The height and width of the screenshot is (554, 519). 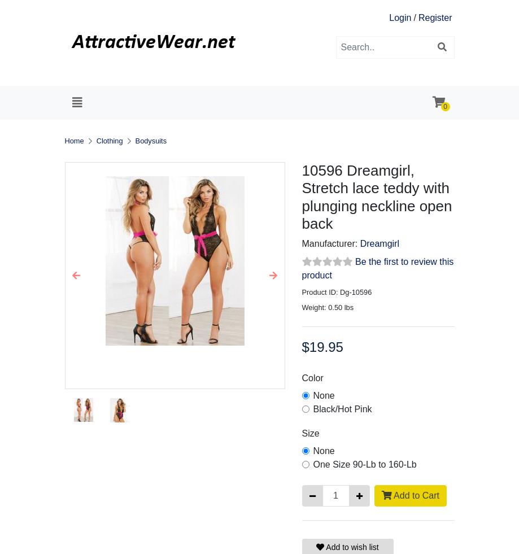 I want to click on '$19.95', so click(x=322, y=347).